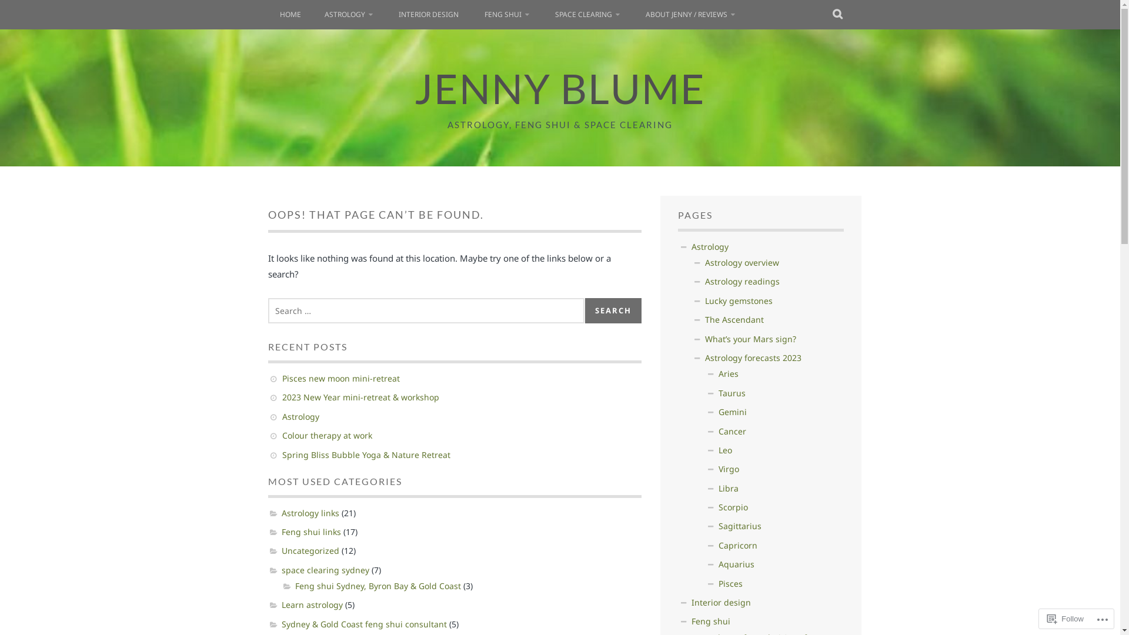 Image resolution: width=1129 pixels, height=635 pixels. What do you see at coordinates (327, 435) in the screenshot?
I see `'Colour therapy at work'` at bounding box center [327, 435].